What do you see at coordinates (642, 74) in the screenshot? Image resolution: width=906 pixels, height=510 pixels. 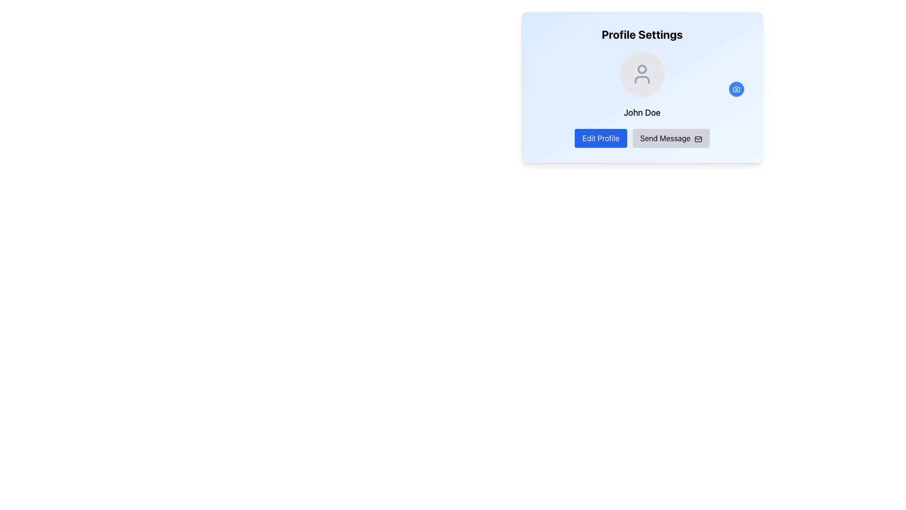 I see `the user profile icon, which is a circular icon representing the user's avatar, located at the top section of the profile settings card` at bounding box center [642, 74].